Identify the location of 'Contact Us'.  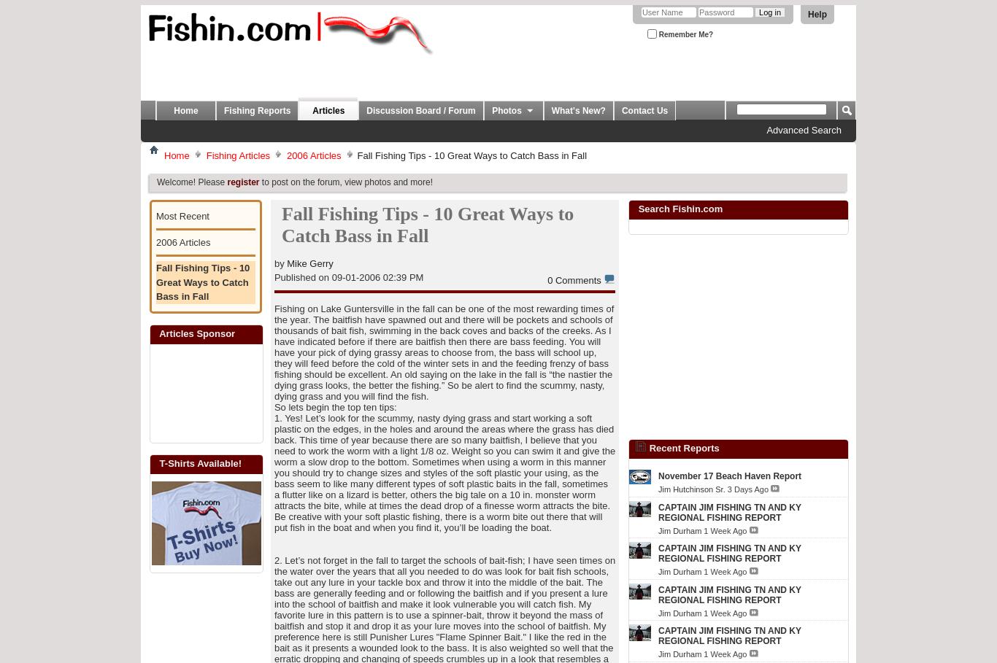
(643, 109).